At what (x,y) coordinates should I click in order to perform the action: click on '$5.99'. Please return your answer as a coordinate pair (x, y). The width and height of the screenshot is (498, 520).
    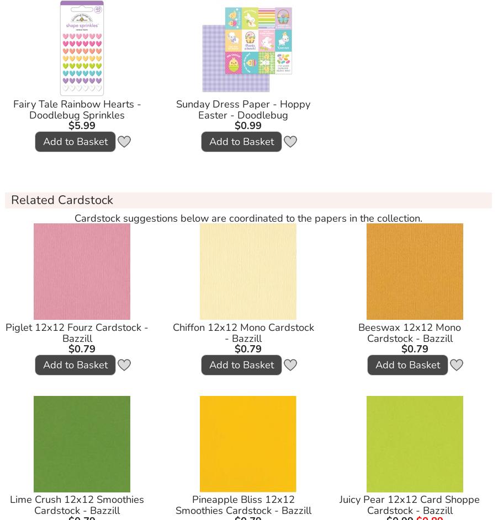
    Looking at the image, I should click on (68, 125).